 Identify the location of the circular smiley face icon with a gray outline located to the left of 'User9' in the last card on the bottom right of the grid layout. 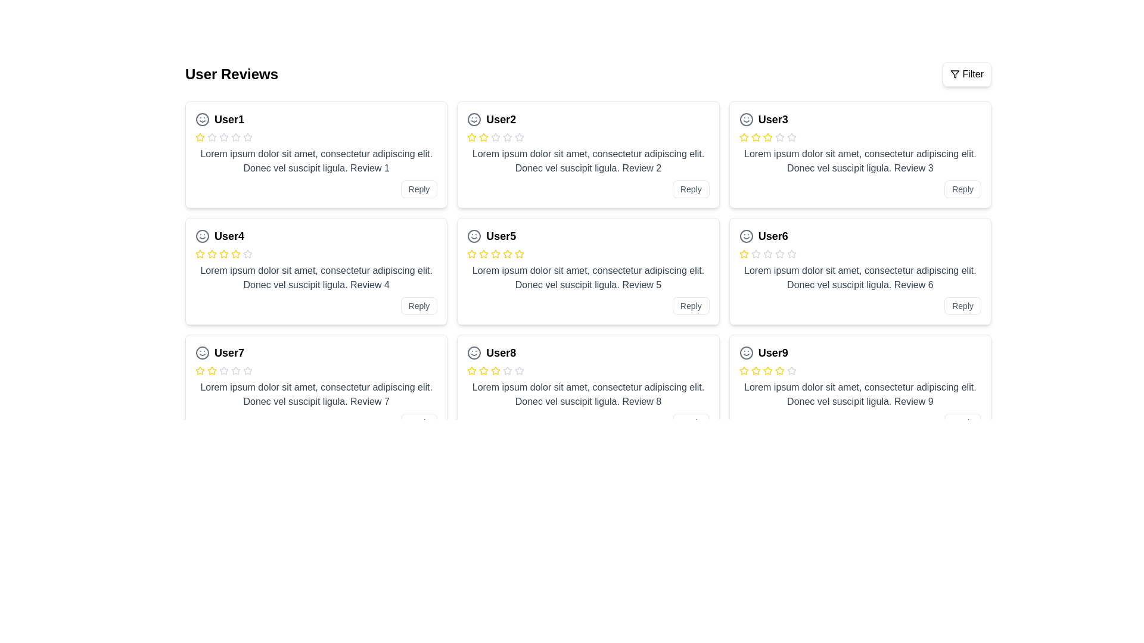
(745, 352).